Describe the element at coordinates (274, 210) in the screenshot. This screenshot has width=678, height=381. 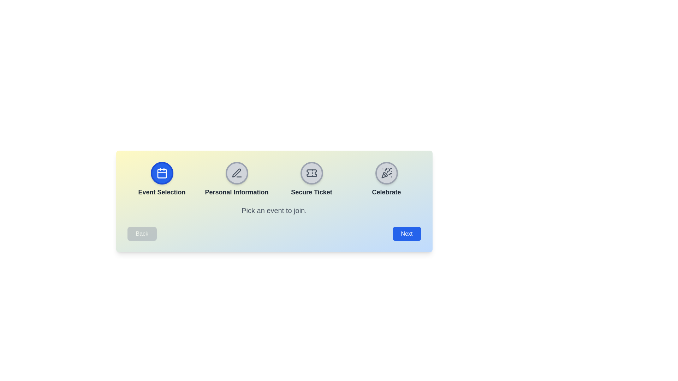
I see `the description text of the current step for better visibility` at that location.